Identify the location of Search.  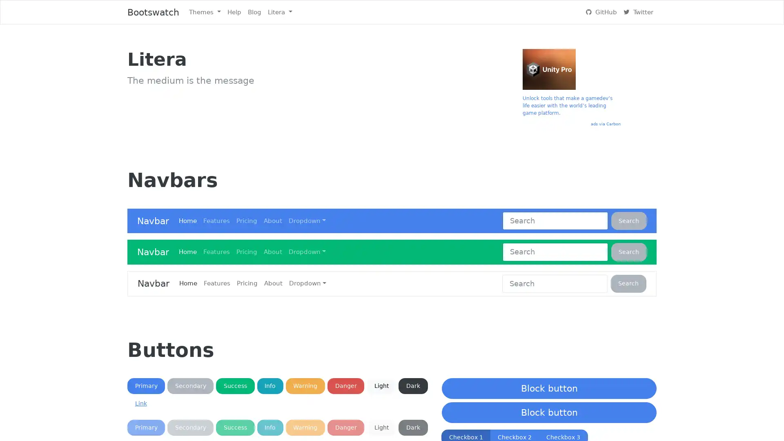
(628, 283).